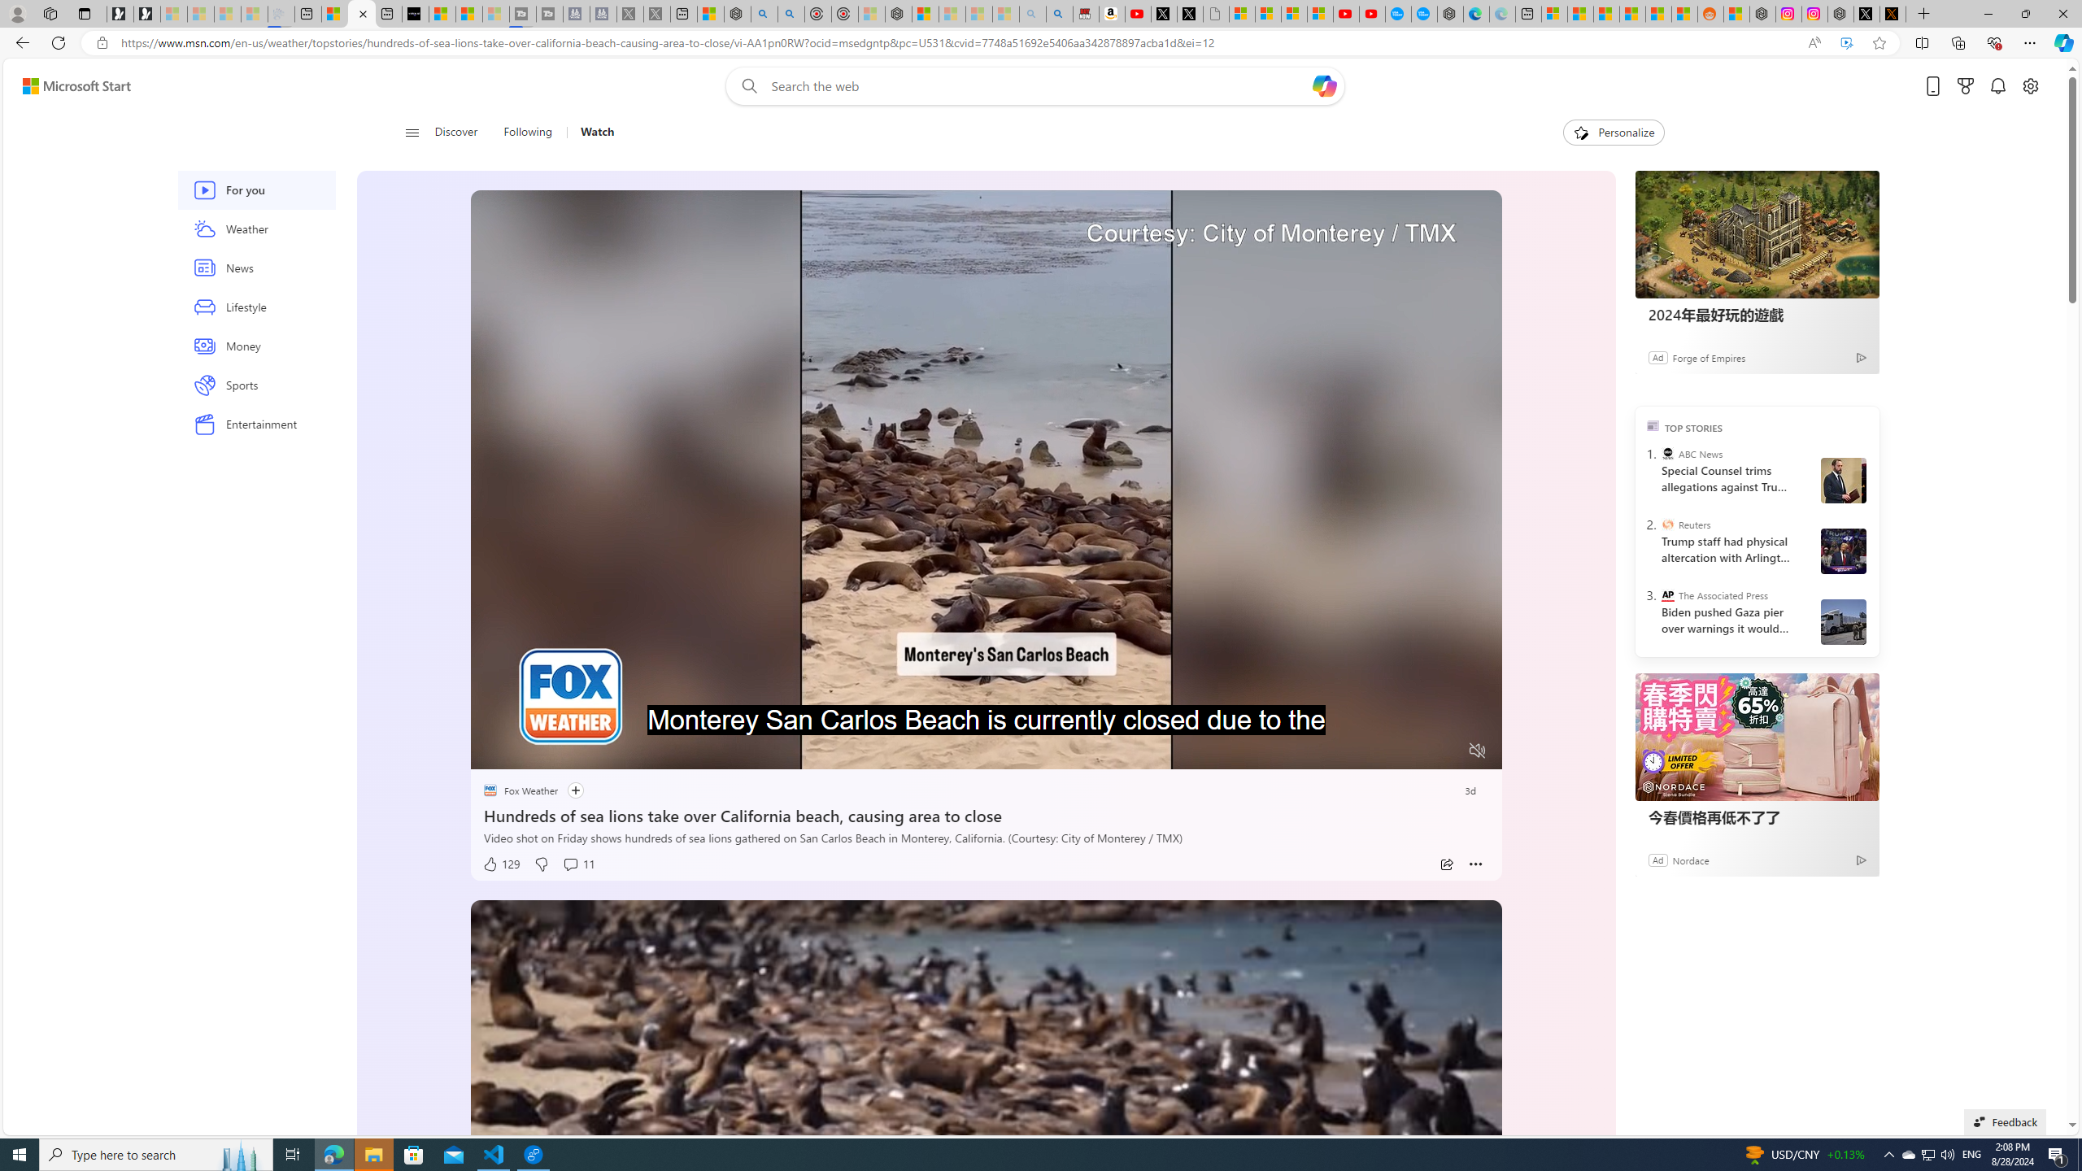  Describe the element at coordinates (66, 85) in the screenshot. I see `'Skip to footer'` at that location.